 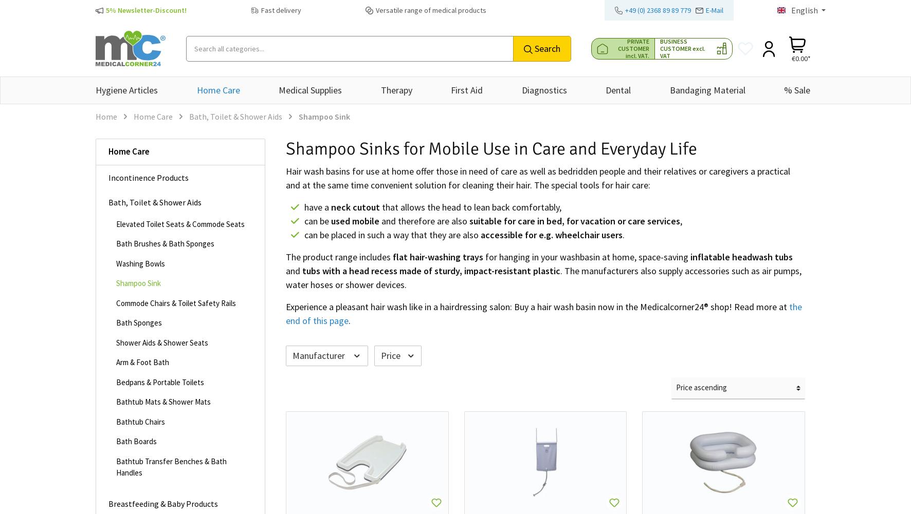 What do you see at coordinates (115, 421) in the screenshot?
I see `'Bathtub Chairs'` at bounding box center [115, 421].